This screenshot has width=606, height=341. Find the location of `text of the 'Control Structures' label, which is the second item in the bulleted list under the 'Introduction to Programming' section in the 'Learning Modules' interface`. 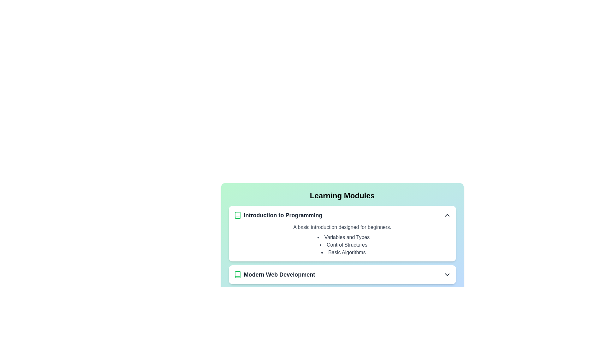

text of the 'Control Structures' label, which is the second item in the bulleted list under the 'Introduction to Programming' section in the 'Learning Modules' interface is located at coordinates (342, 244).